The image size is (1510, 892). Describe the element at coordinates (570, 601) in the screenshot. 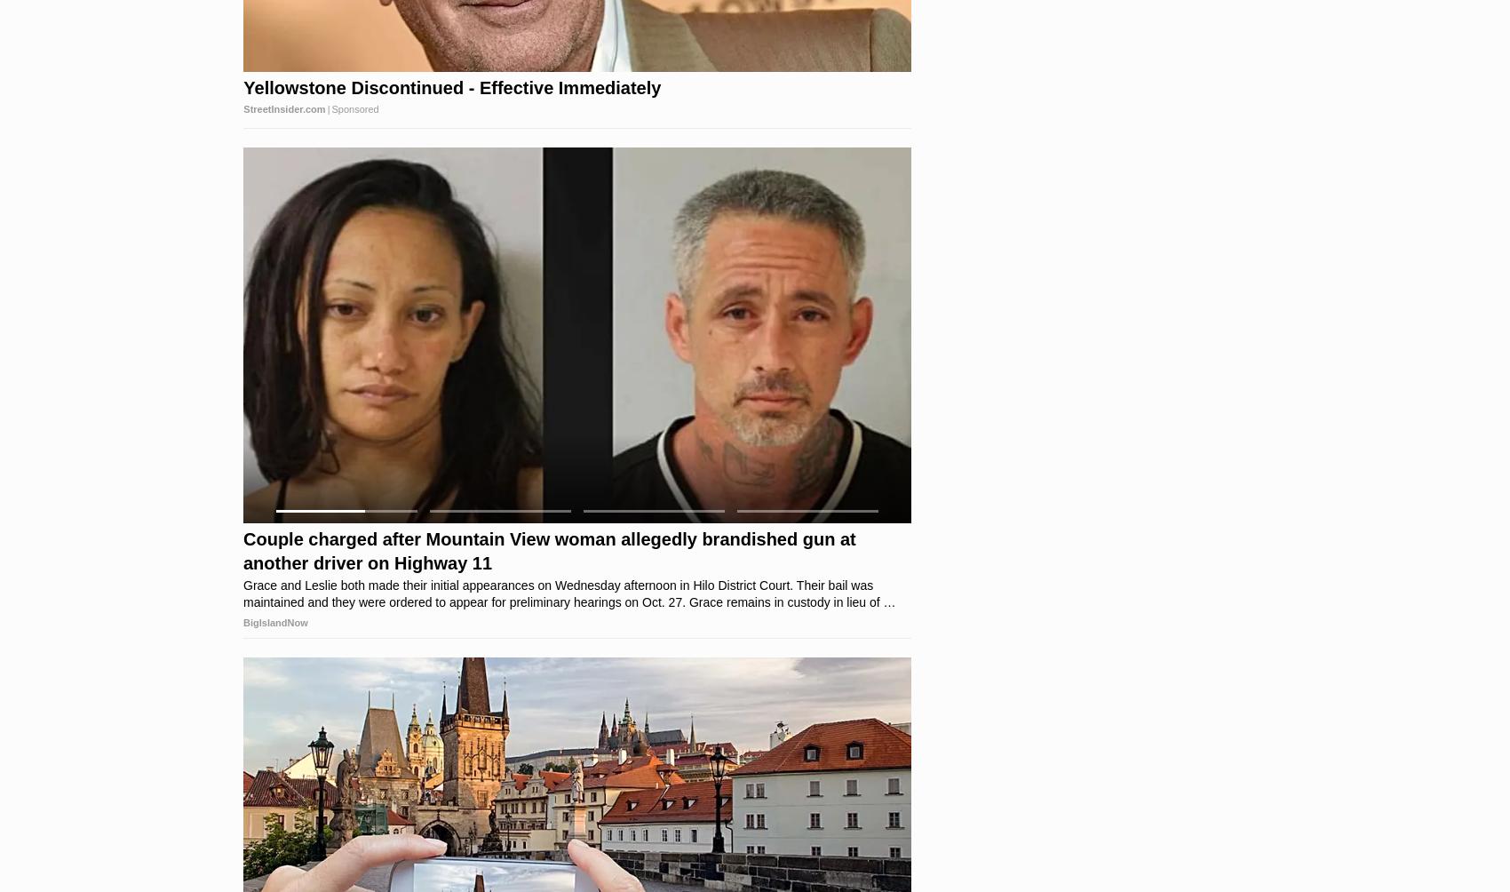

I see `'Charges stem from a domestic dispute that occurred on the 73-4000 block of Hawai‘i Belt Road in Kona early Sunday morning. Charges stem from a domestic dispute that occurred on the 73-4000 block of Hawai‘i Belt Road in Kona early Sunday morning.'` at that location.